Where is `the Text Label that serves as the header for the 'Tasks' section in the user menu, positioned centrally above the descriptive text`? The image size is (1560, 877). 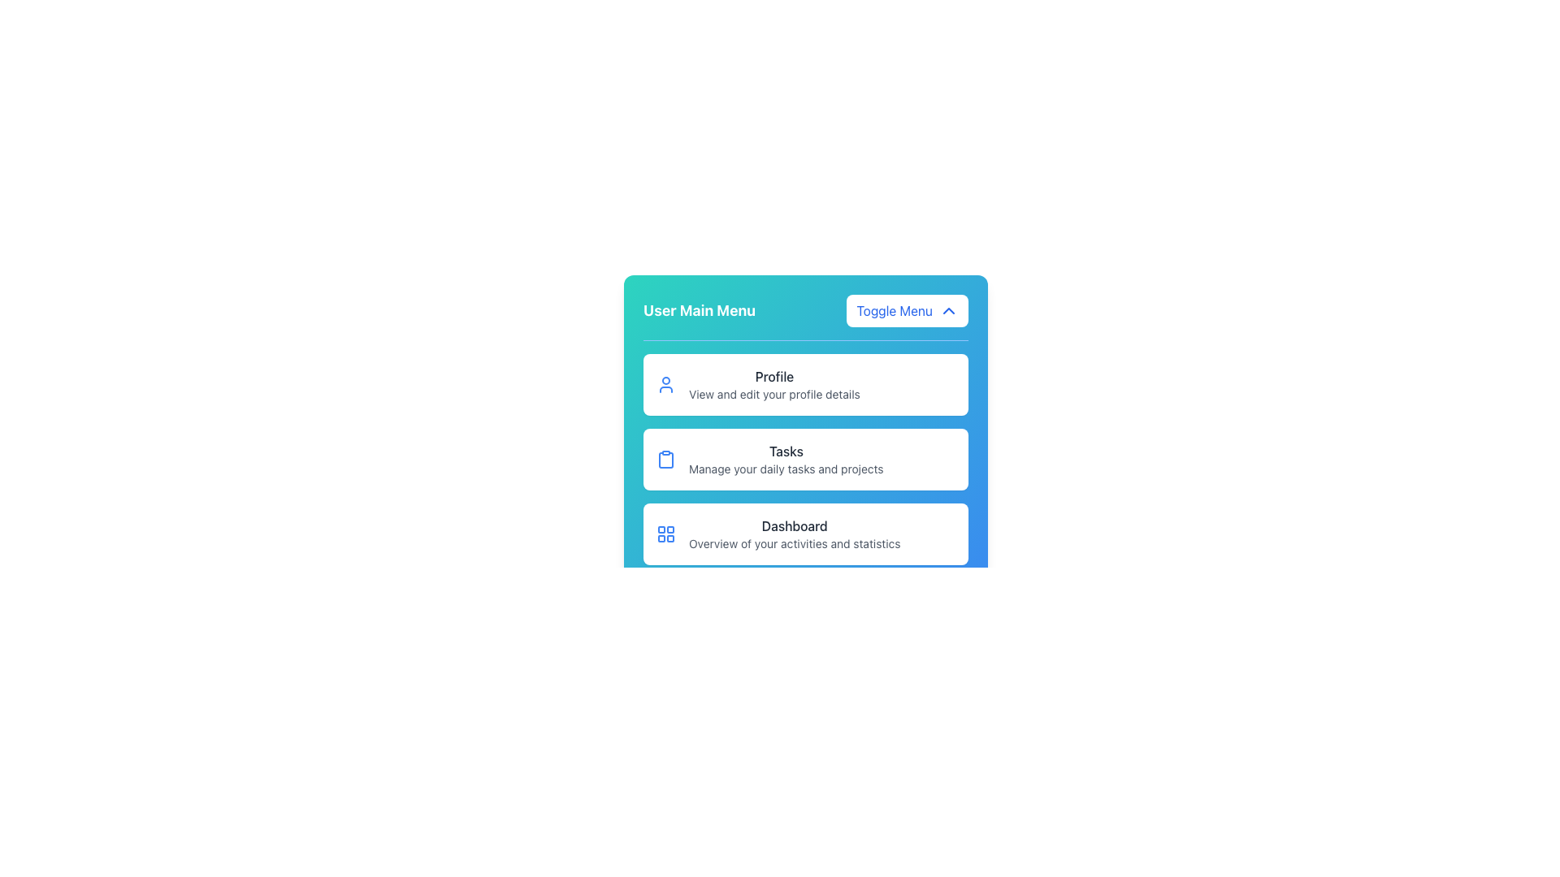 the Text Label that serves as the header for the 'Tasks' section in the user menu, positioned centrally above the descriptive text is located at coordinates (786, 451).